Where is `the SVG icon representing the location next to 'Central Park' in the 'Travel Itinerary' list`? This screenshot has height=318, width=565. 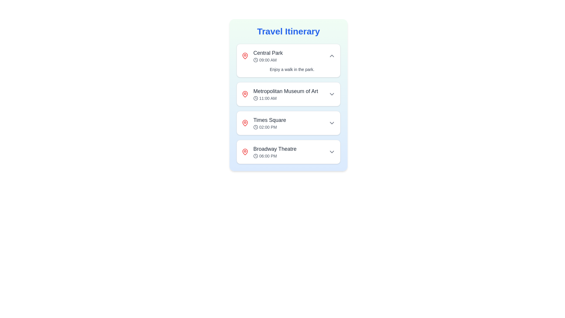
the SVG icon representing the location next to 'Central Park' in the 'Travel Itinerary' list is located at coordinates (245, 56).